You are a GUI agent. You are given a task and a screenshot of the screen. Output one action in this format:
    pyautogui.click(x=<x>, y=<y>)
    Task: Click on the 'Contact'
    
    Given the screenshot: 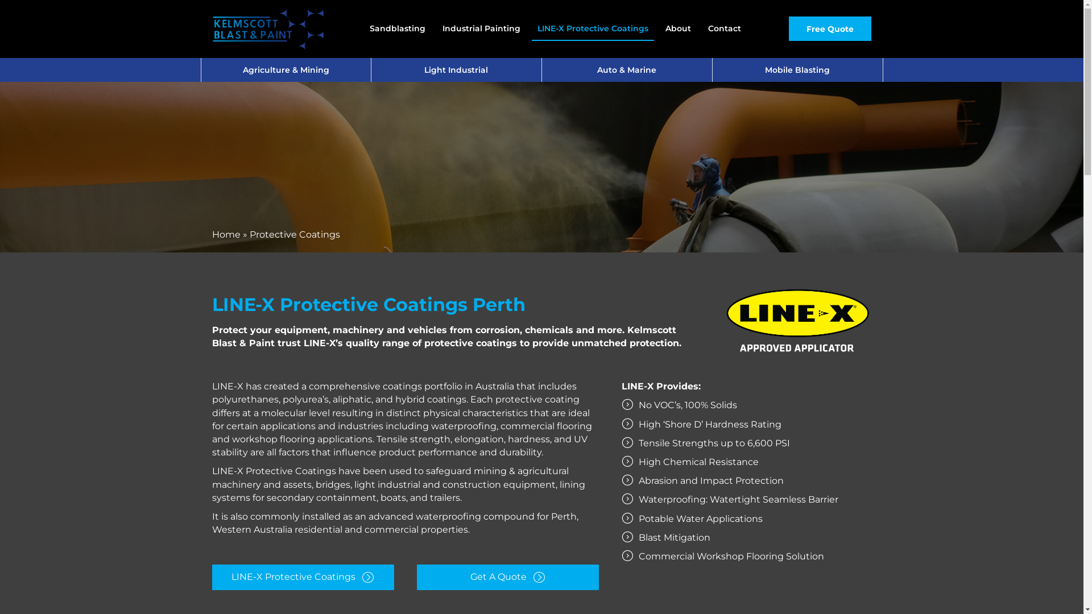 What is the action you would take?
    pyautogui.click(x=723, y=28)
    